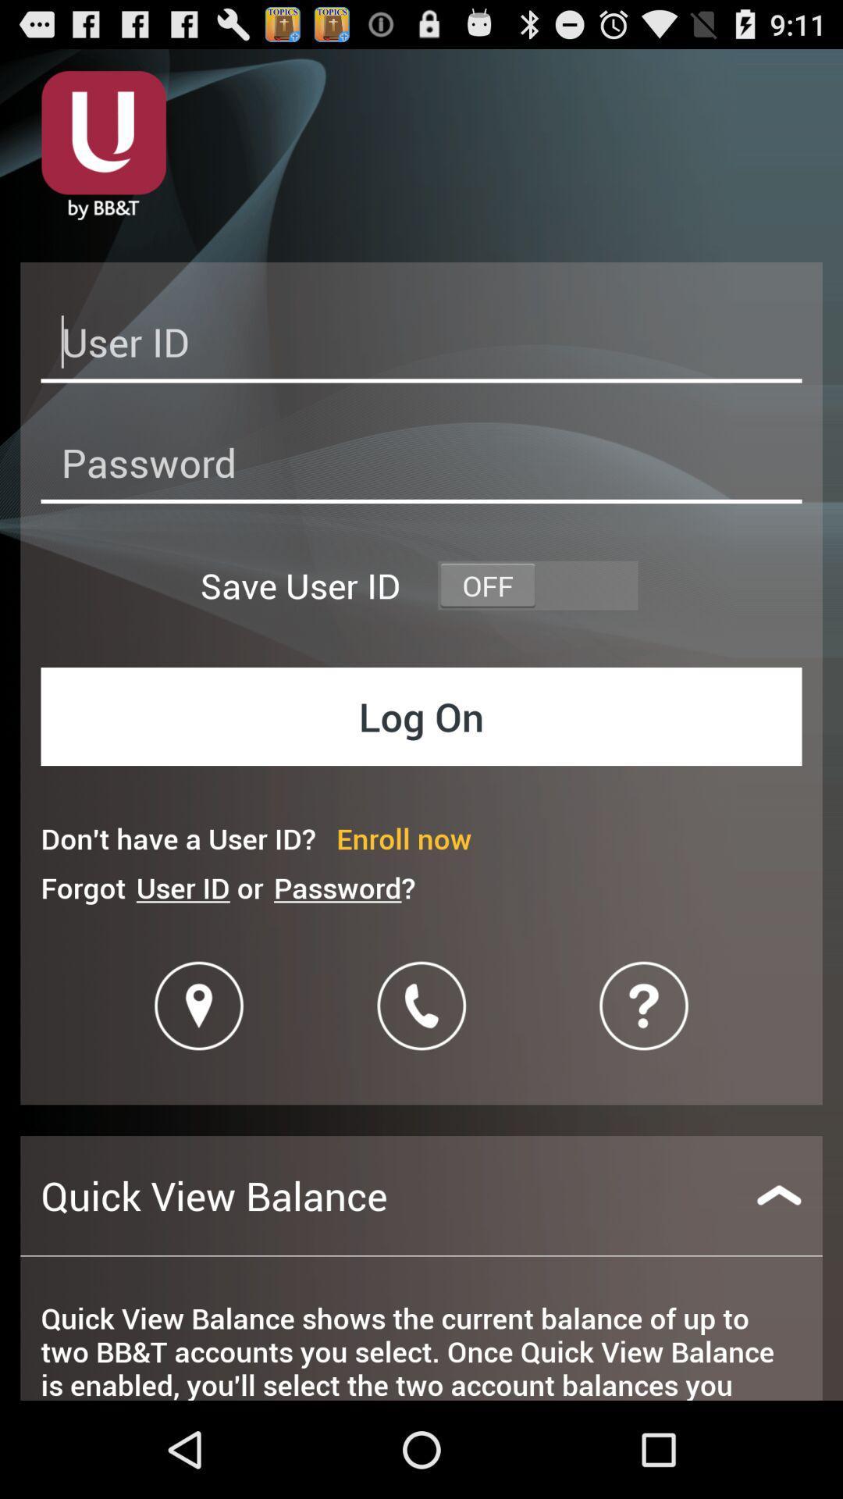  What do you see at coordinates (421, 715) in the screenshot?
I see `log on button` at bounding box center [421, 715].